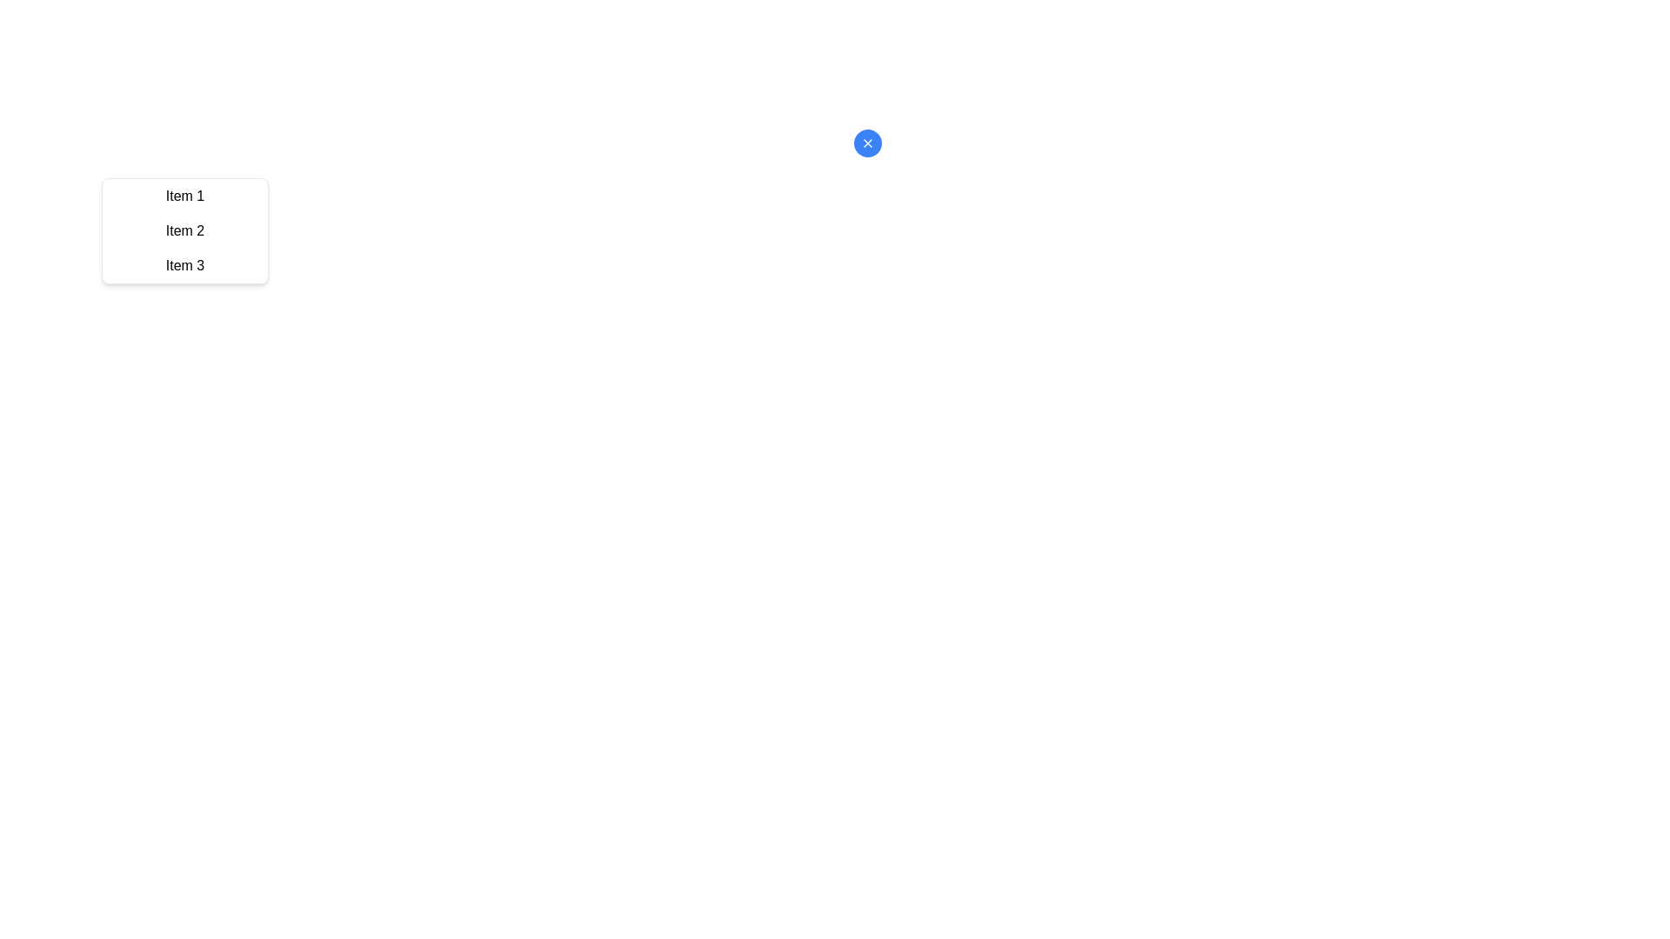 This screenshot has width=1670, height=939. What do you see at coordinates (867, 143) in the screenshot?
I see `the blue circular button with a white 'X' icon at the top center of the interface` at bounding box center [867, 143].